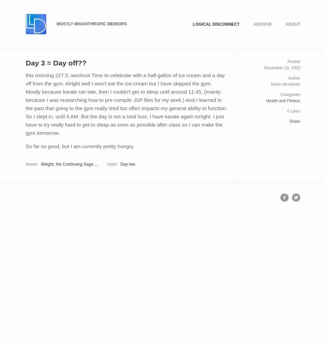  What do you see at coordinates (91, 24) in the screenshot?
I see `'Mostly Misanthropic Memoirs'` at bounding box center [91, 24].